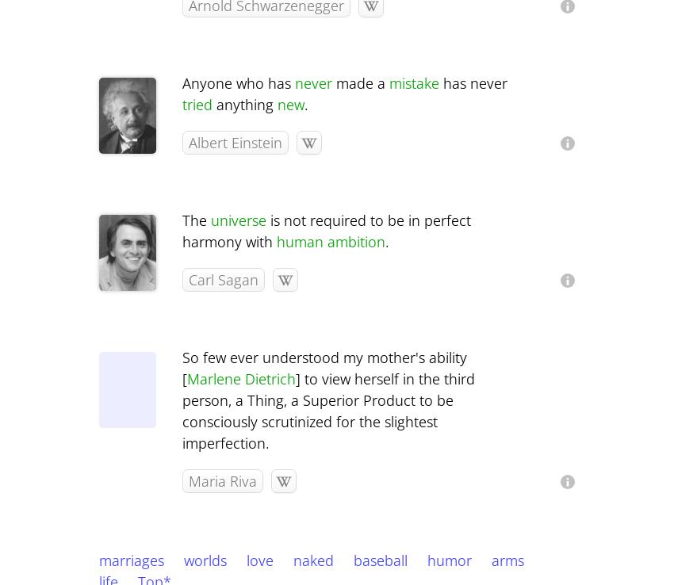 The width and height of the screenshot is (674, 585). What do you see at coordinates (238, 220) in the screenshot?
I see `'universe'` at bounding box center [238, 220].